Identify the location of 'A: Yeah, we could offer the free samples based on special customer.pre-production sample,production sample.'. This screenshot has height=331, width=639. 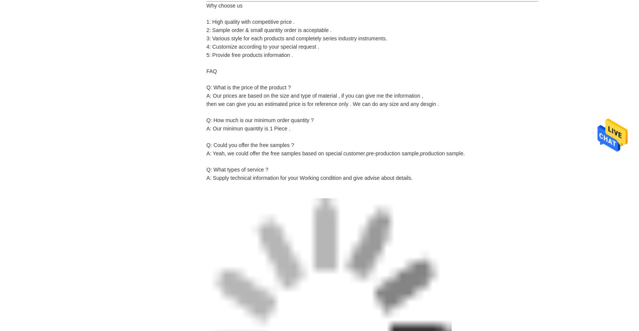
(335, 153).